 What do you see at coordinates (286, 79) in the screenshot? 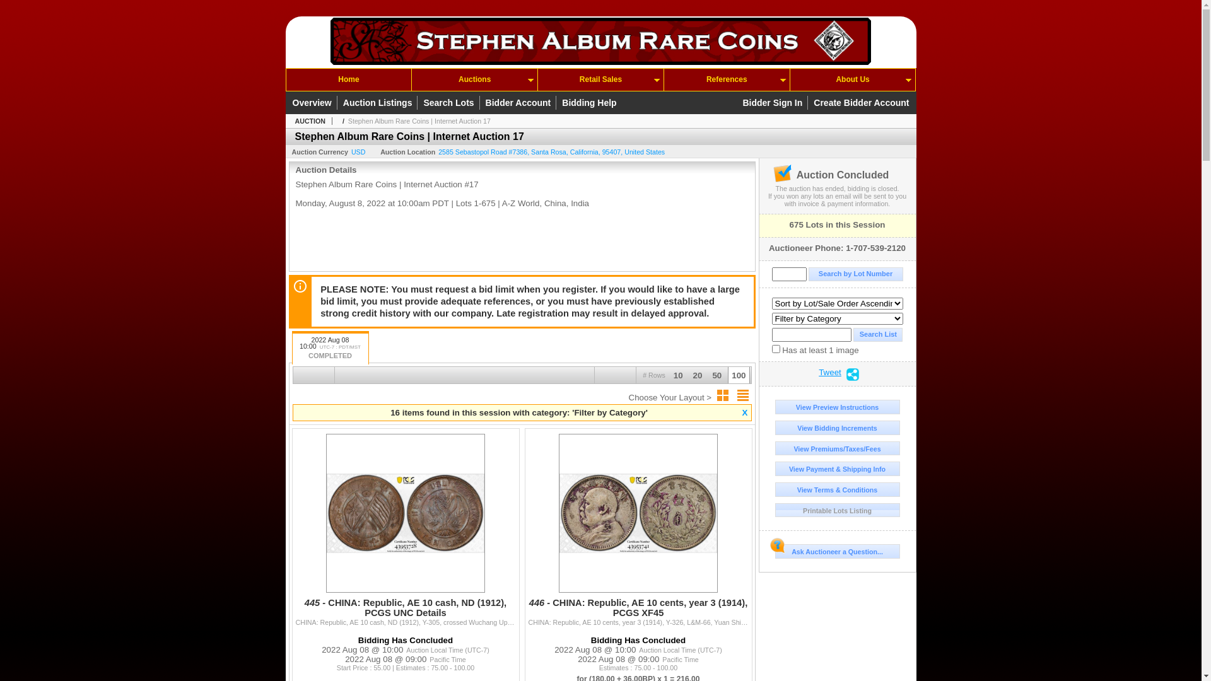
I see `'Home'` at bounding box center [286, 79].